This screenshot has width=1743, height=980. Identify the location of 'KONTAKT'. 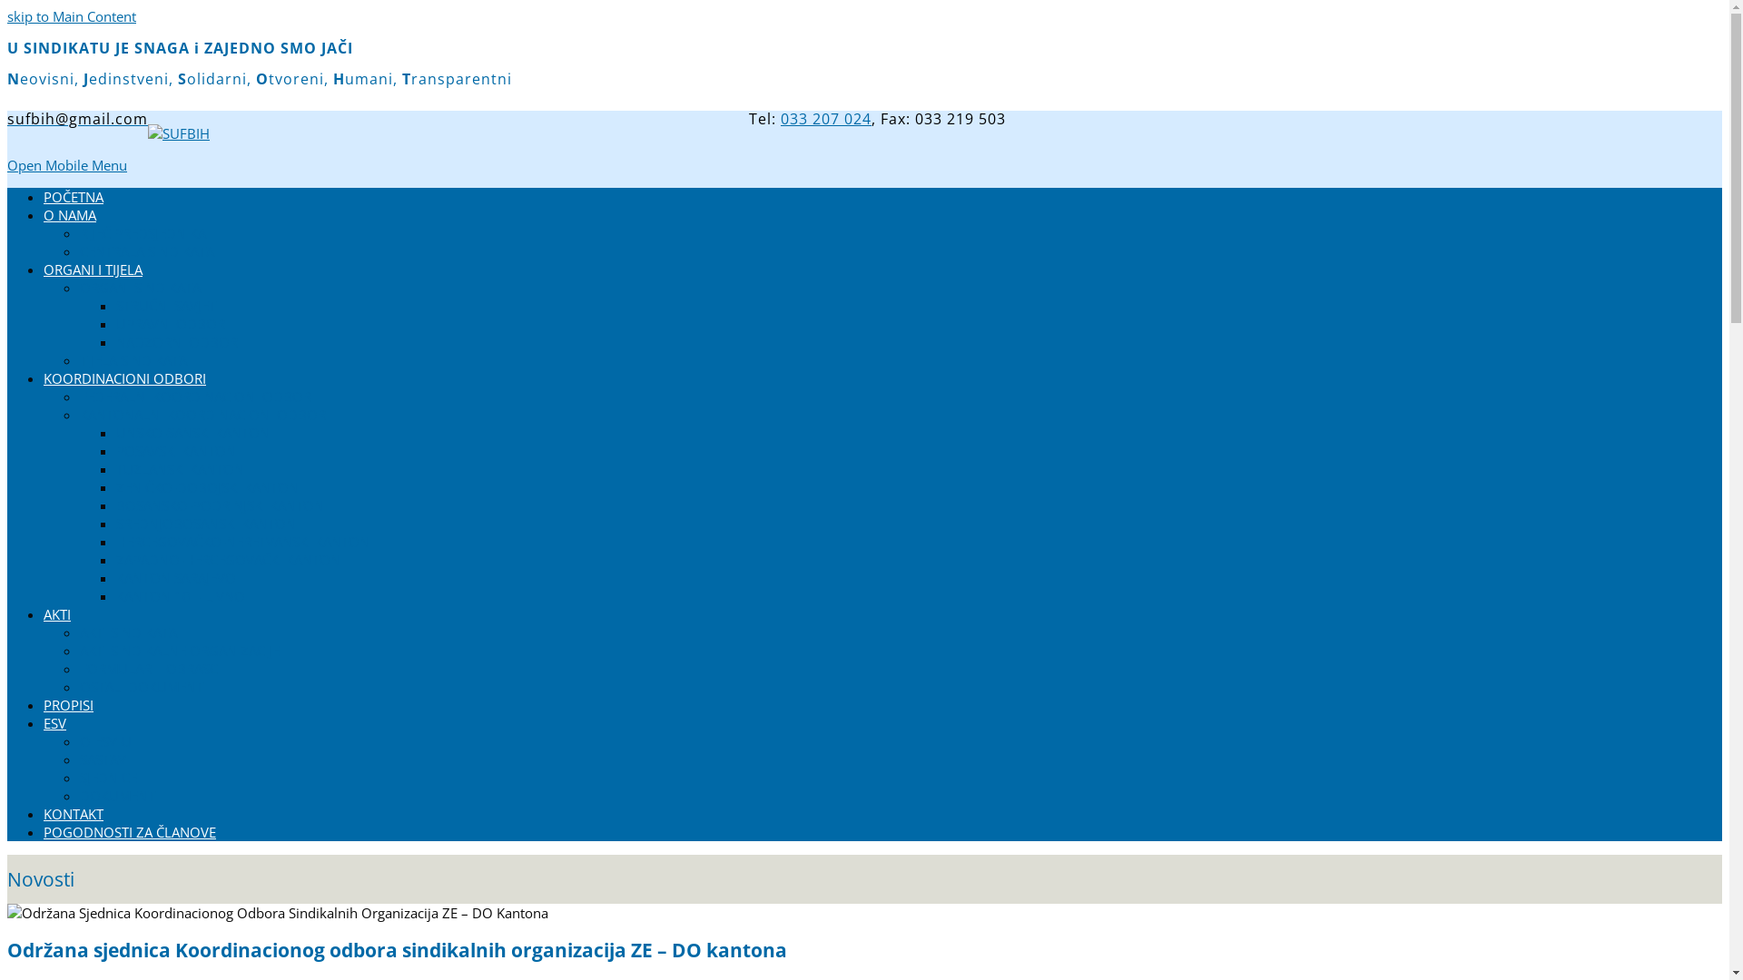
(73, 813).